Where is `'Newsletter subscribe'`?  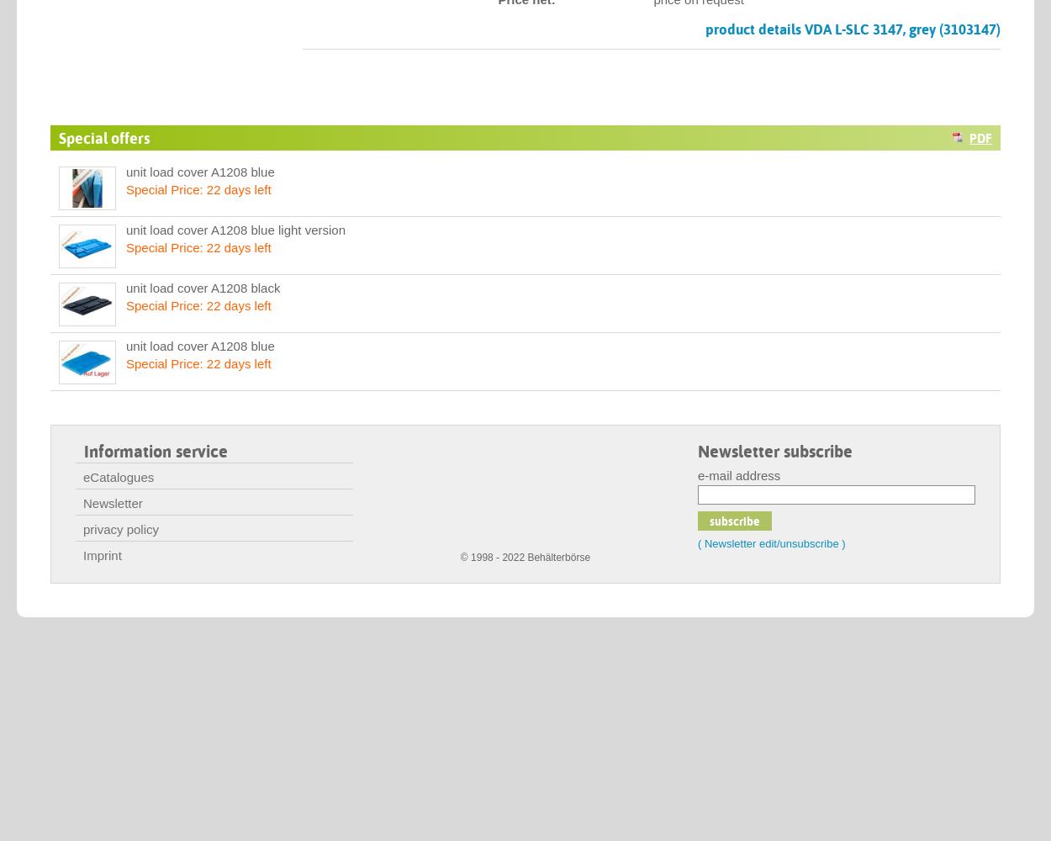 'Newsletter subscribe' is located at coordinates (775, 451).